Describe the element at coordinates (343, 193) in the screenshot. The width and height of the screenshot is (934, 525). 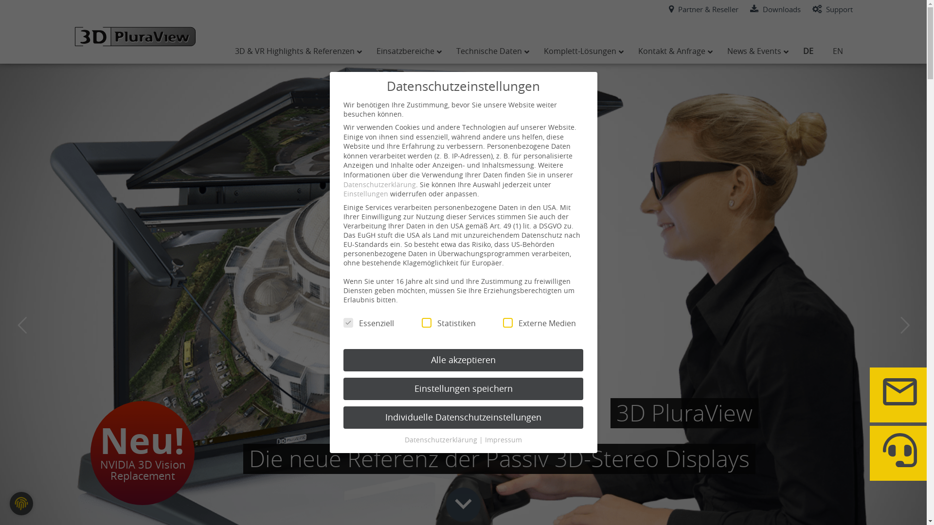
I see `'Einstellungen'` at that location.